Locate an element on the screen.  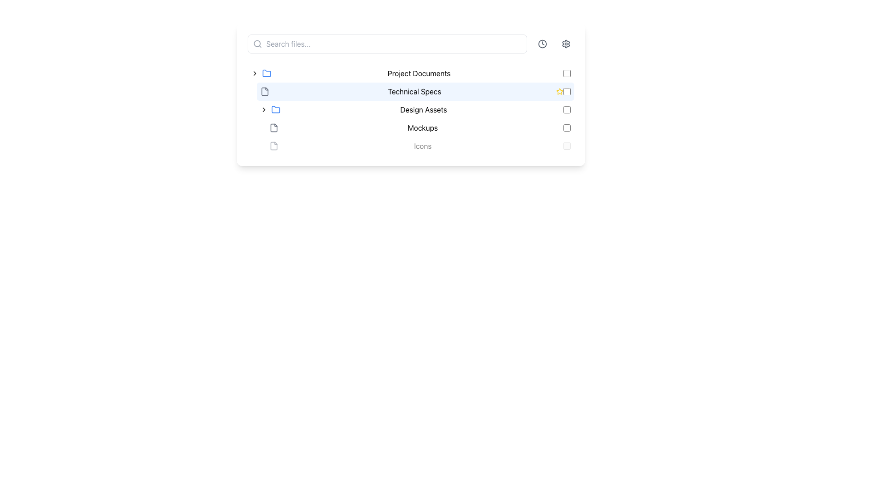
the navigation icon located to the leftmost side of the 'Design Assets' text is located at coordinates (263, 109).